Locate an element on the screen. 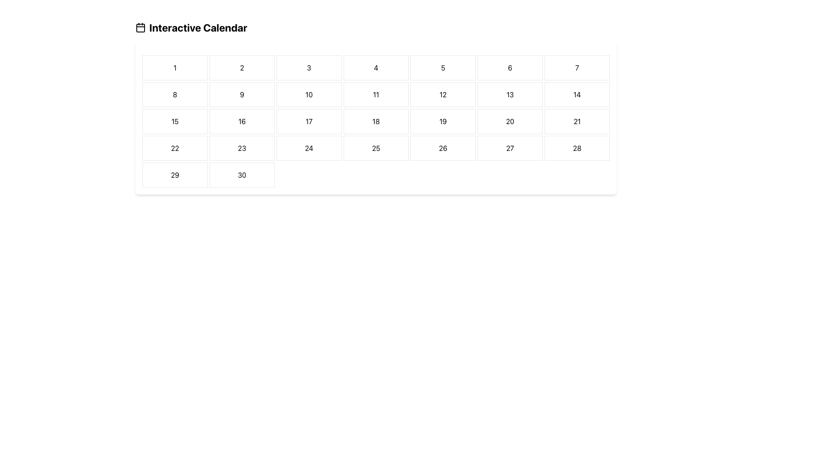 This screenshot has height=467, width=831. the static text display in a bordered box containing the text '21', located in the third row and seventh column of the grid layout is located at coordinates (577, 122).